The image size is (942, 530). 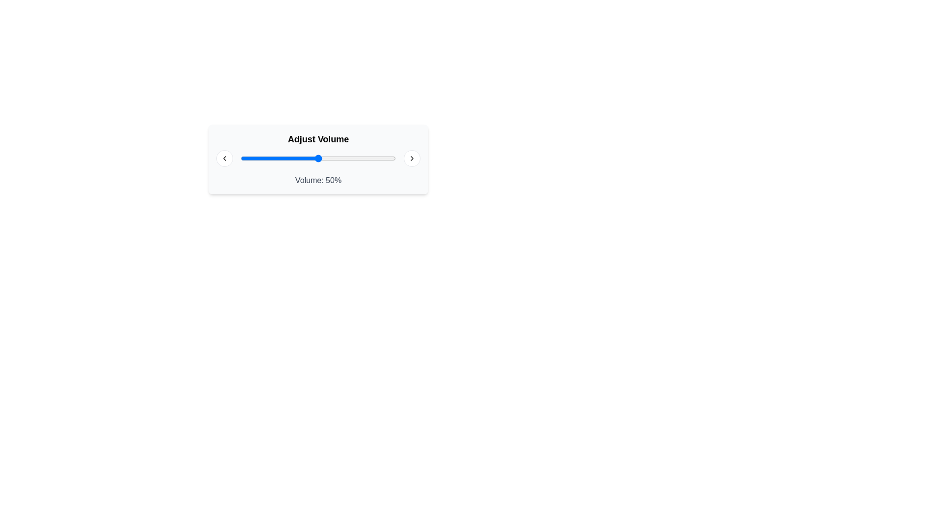 I want to click on the slider, so click(x=290, y=158).